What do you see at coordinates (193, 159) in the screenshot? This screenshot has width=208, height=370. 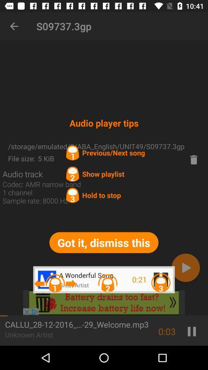 I see `because back devicer` at bounding box center [193, 159].